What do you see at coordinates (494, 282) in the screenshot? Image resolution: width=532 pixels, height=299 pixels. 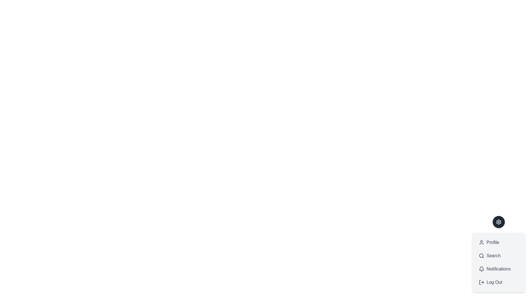 I see `the 'Log Out' text label in the vertical menu which allows users to terminate their current session` at bounding box center [494, 282].